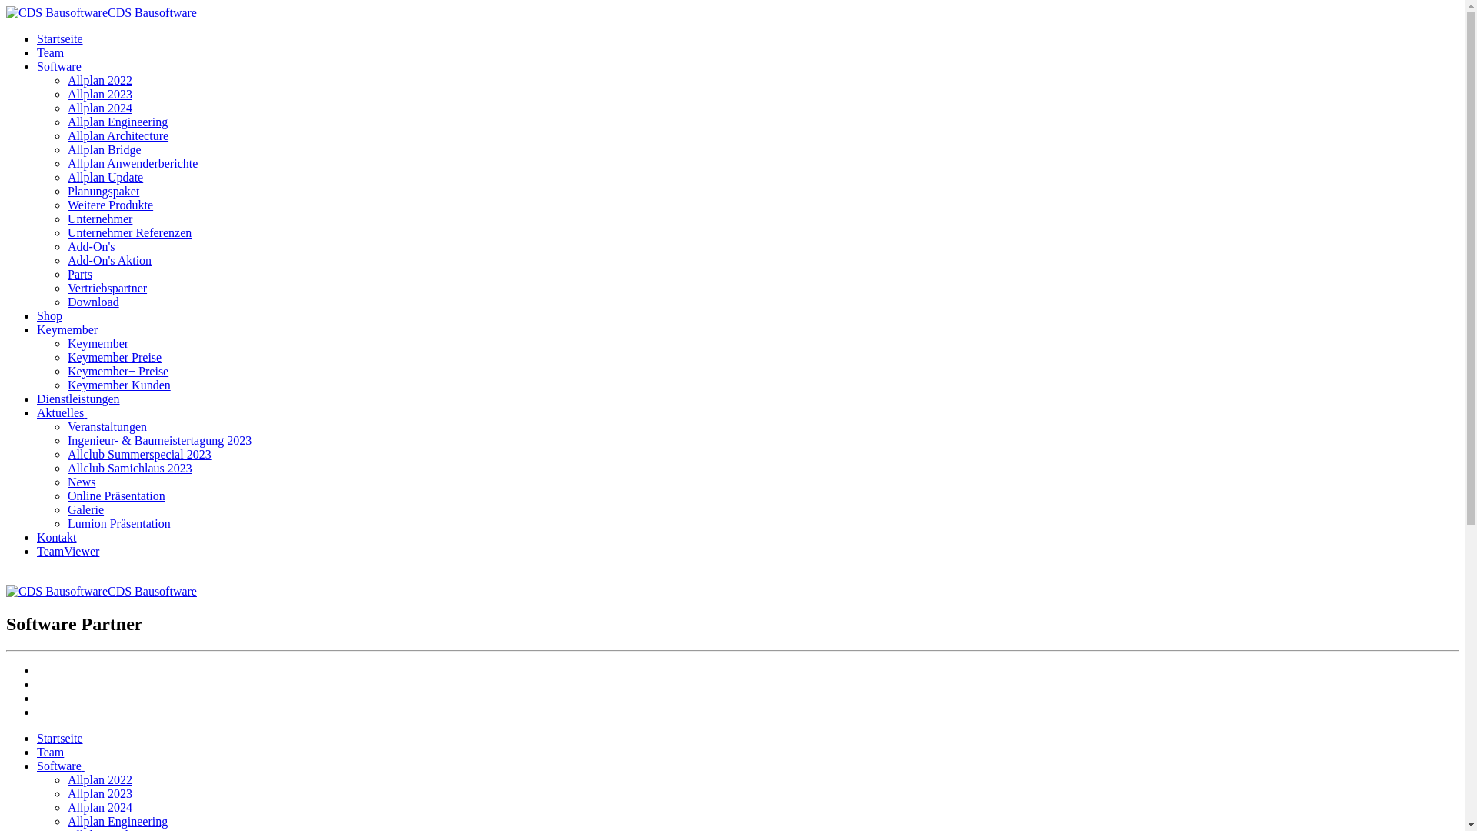  What do you see at coordinates (66, 371) in the screenshot?
I see `'Keymember+ Preise'` at bounding box center [66, 371].